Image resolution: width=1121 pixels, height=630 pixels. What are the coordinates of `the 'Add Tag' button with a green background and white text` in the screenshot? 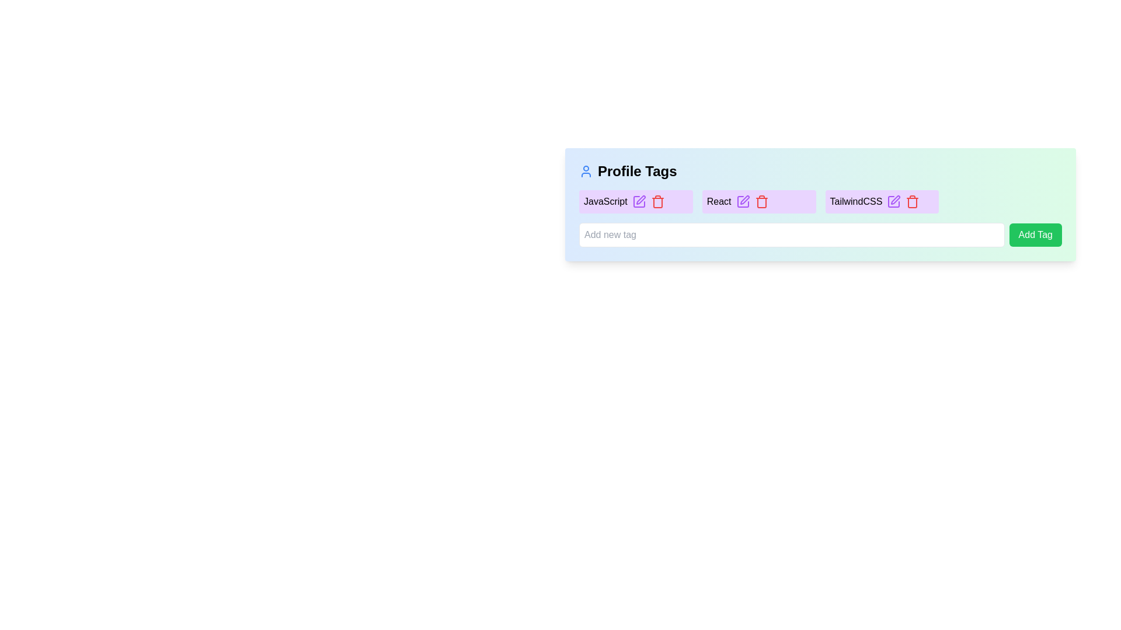 It's located at (1035, 235).